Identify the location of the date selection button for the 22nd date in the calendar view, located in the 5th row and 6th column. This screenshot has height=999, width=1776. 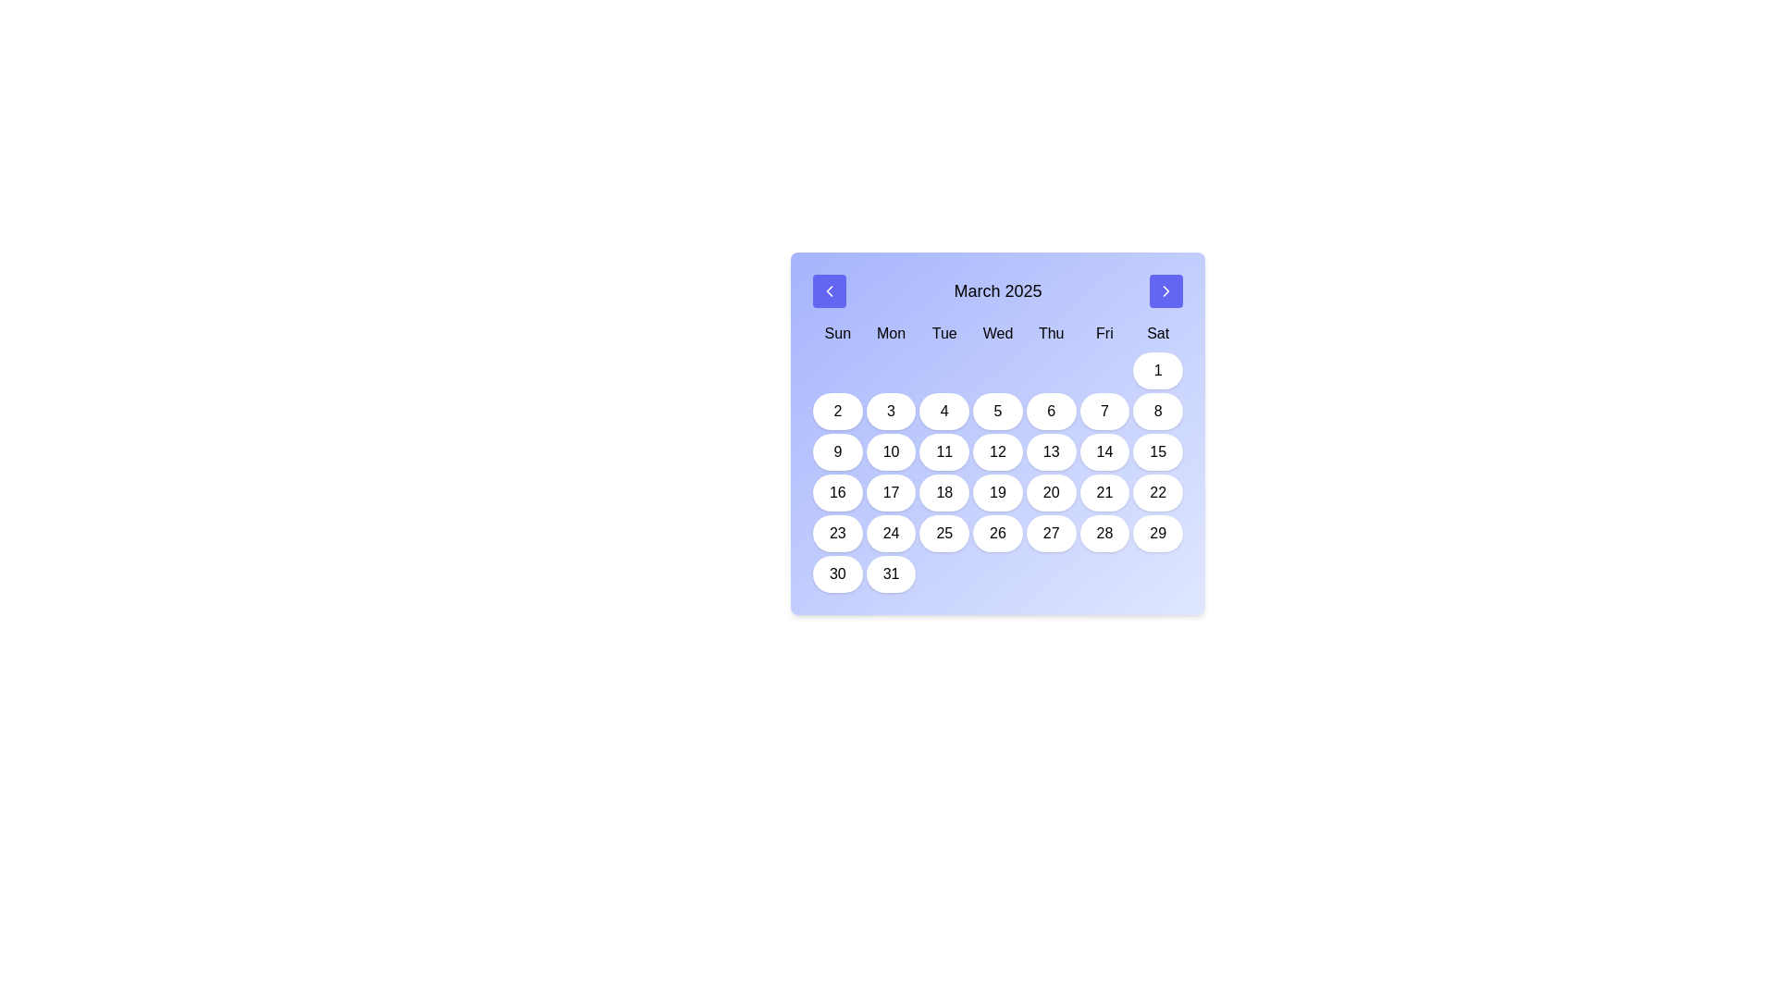
(1157, 491).